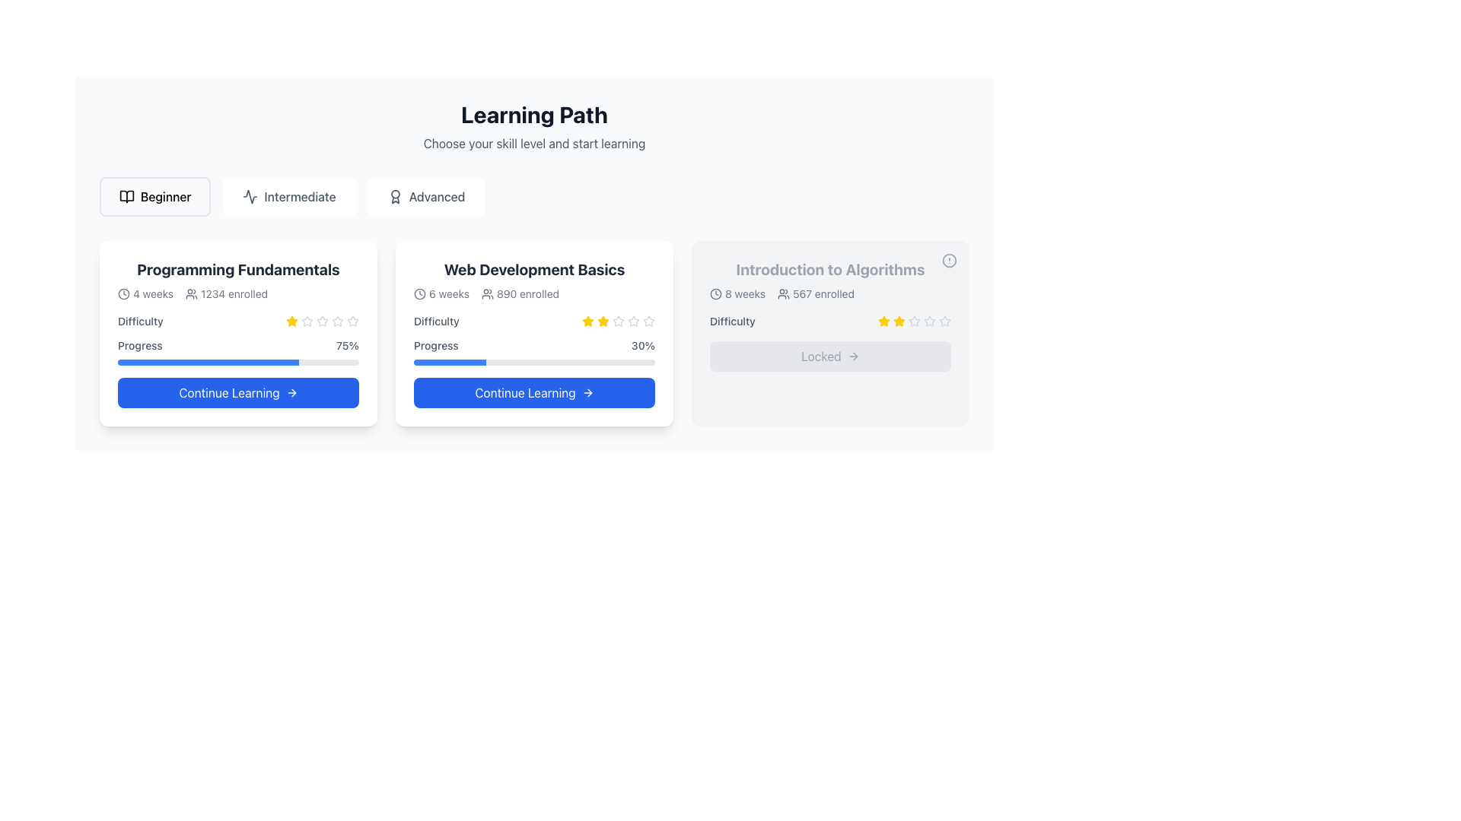 The height and width of the screenshot is (821, 1461). What do you see at coordinates (226, 293) in the screenshot?
I see `the Text label with an icon that indicates enrollment information for the 'Programming Fundamentals' course, positioned below the '4 weeks' item and above the 'Difficulty' label` at bounding box center [226, 293].